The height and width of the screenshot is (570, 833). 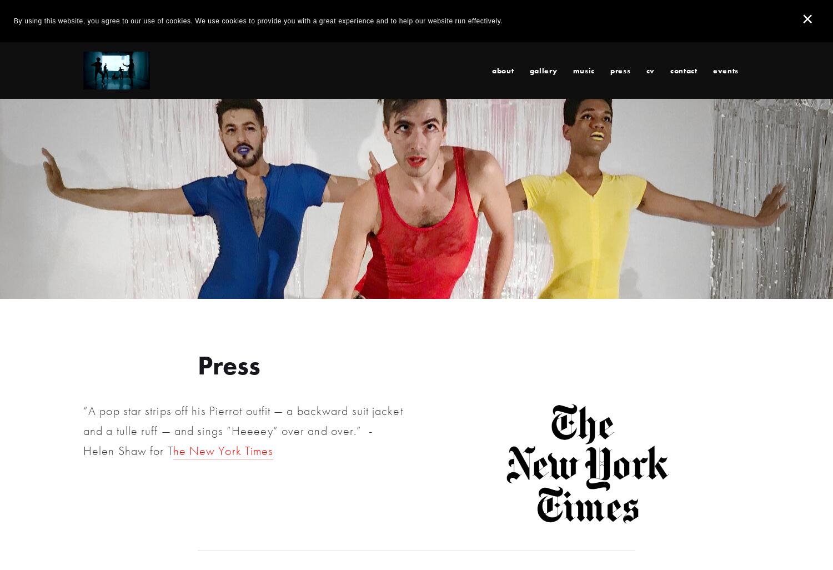 I want to click on '“A pop star strips off his Pierrot outfit — a backward suit jacket and a tulle ruff — and sings “Heeeey” over and over.”  - Helen Shaw for T', so click(x=244, y=430).